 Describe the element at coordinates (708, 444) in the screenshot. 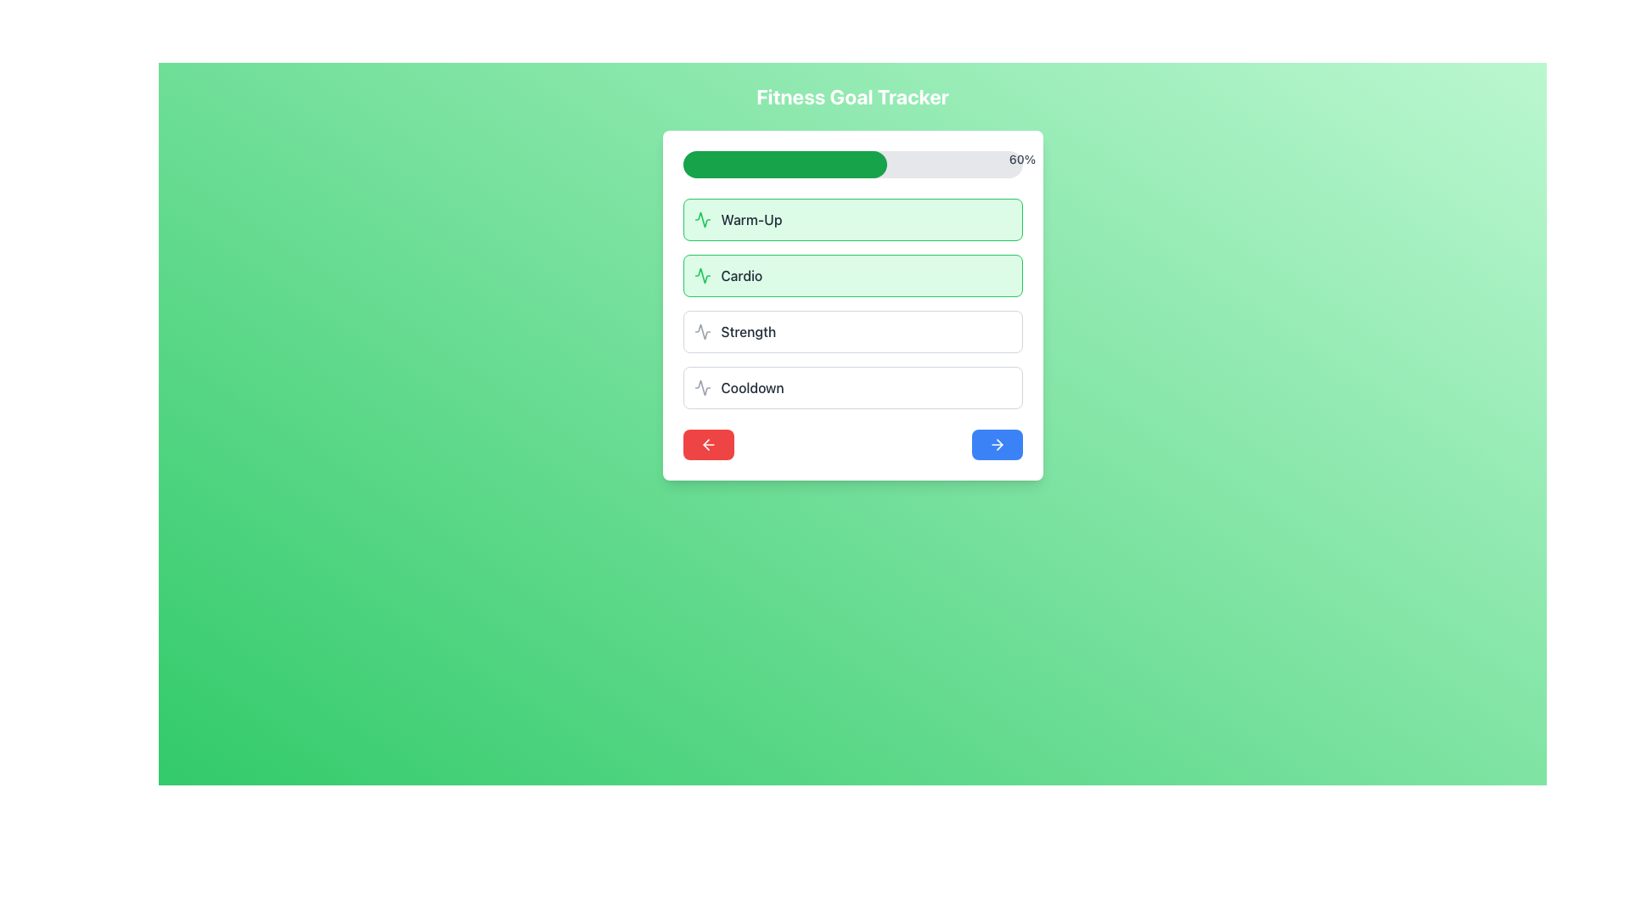

I see `the red rectangular button with rounded corners that features a left-pointing arrow icon, located at the lower-left side of the interface's main card layout` at that location.